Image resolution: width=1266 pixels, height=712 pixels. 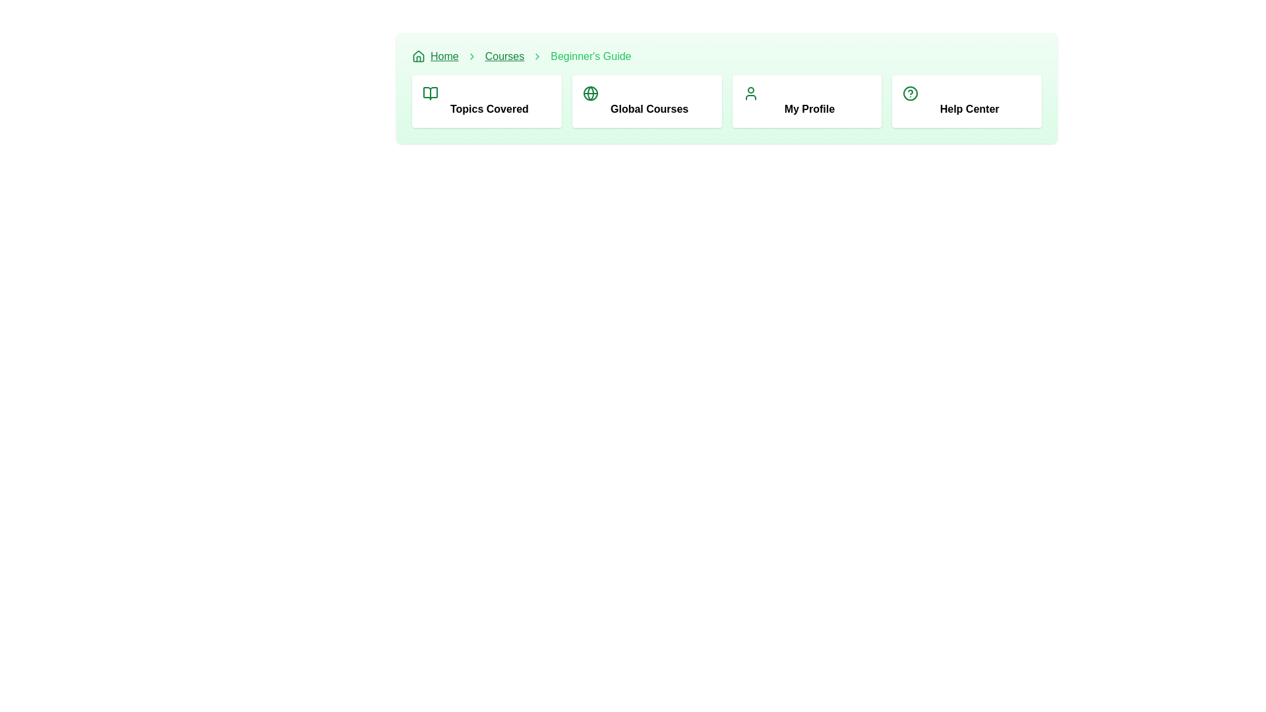 What do you see at coordinates (750, 93) in the screenshot?
I see `the user profile icon, which is a green outline figure of a user, located in the 'My Profile' section of the navigation card area` at bounding box center [750, 93].